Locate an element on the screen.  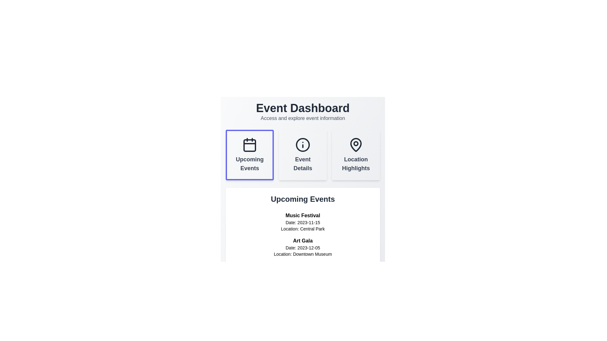
the information icon located in the second card below the 'Event Dashboard' heading is located at coordinates (303, 145).